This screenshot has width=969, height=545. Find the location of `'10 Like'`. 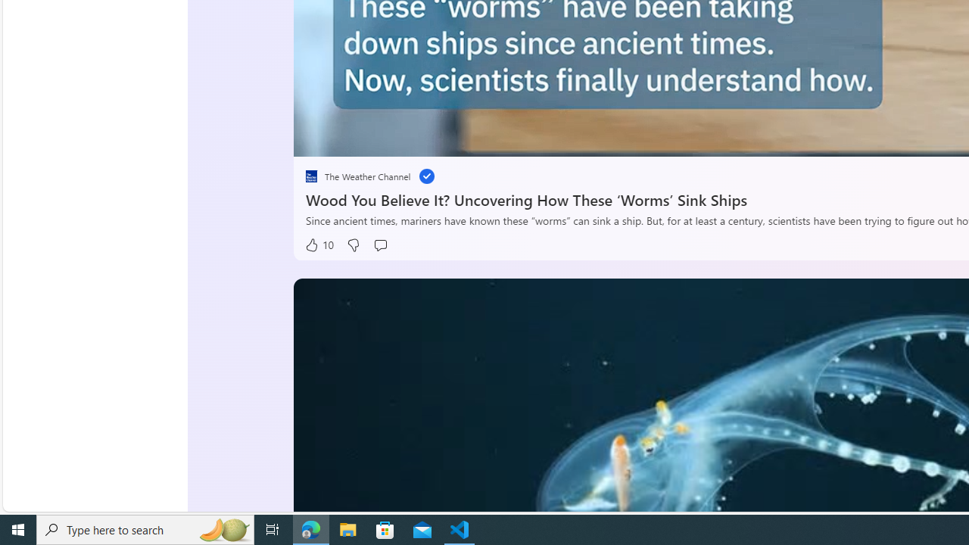

'10 Like' is located at coordinates (319, 244).